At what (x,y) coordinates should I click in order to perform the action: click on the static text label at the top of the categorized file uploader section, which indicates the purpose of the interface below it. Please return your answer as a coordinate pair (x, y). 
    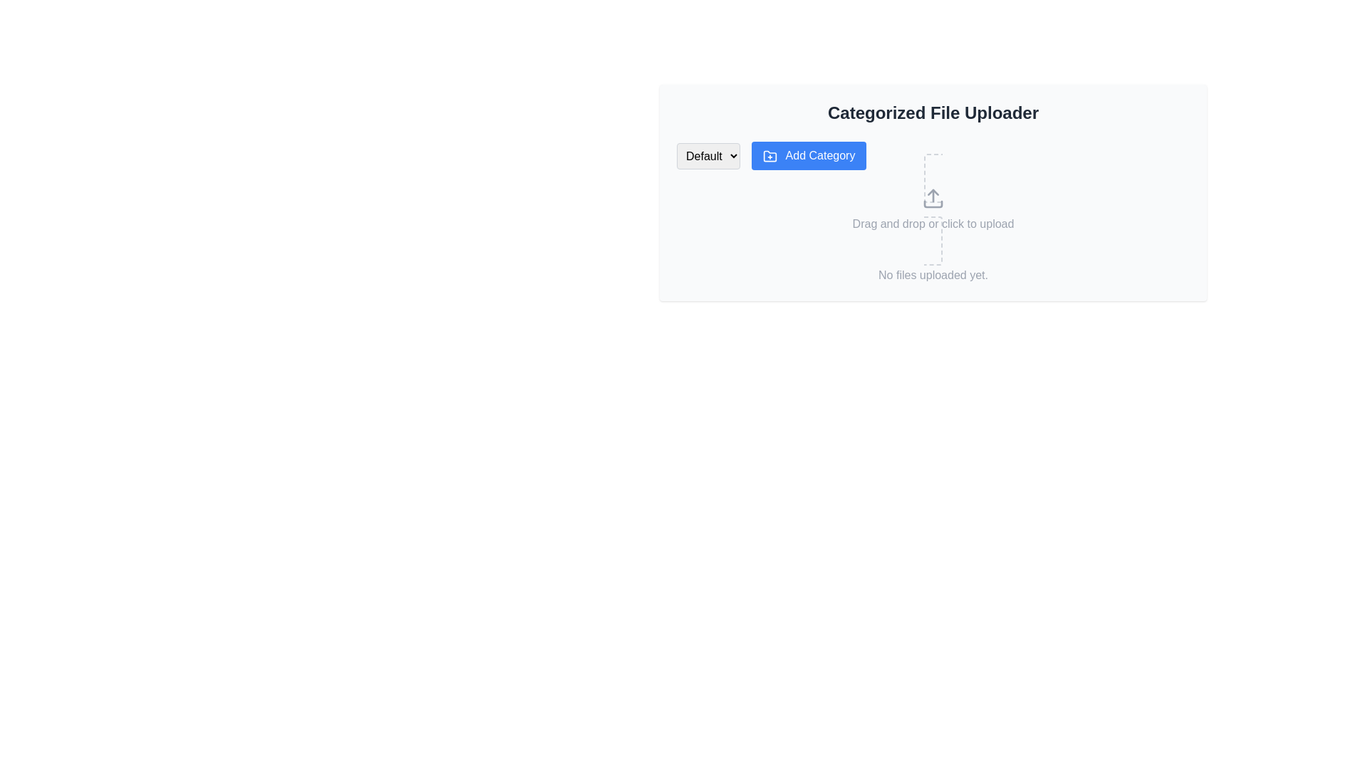
    Looking at the image, I should click on (933, 112).